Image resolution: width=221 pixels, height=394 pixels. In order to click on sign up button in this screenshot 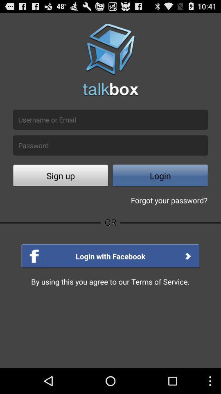, I will do `click(60, 176)`.